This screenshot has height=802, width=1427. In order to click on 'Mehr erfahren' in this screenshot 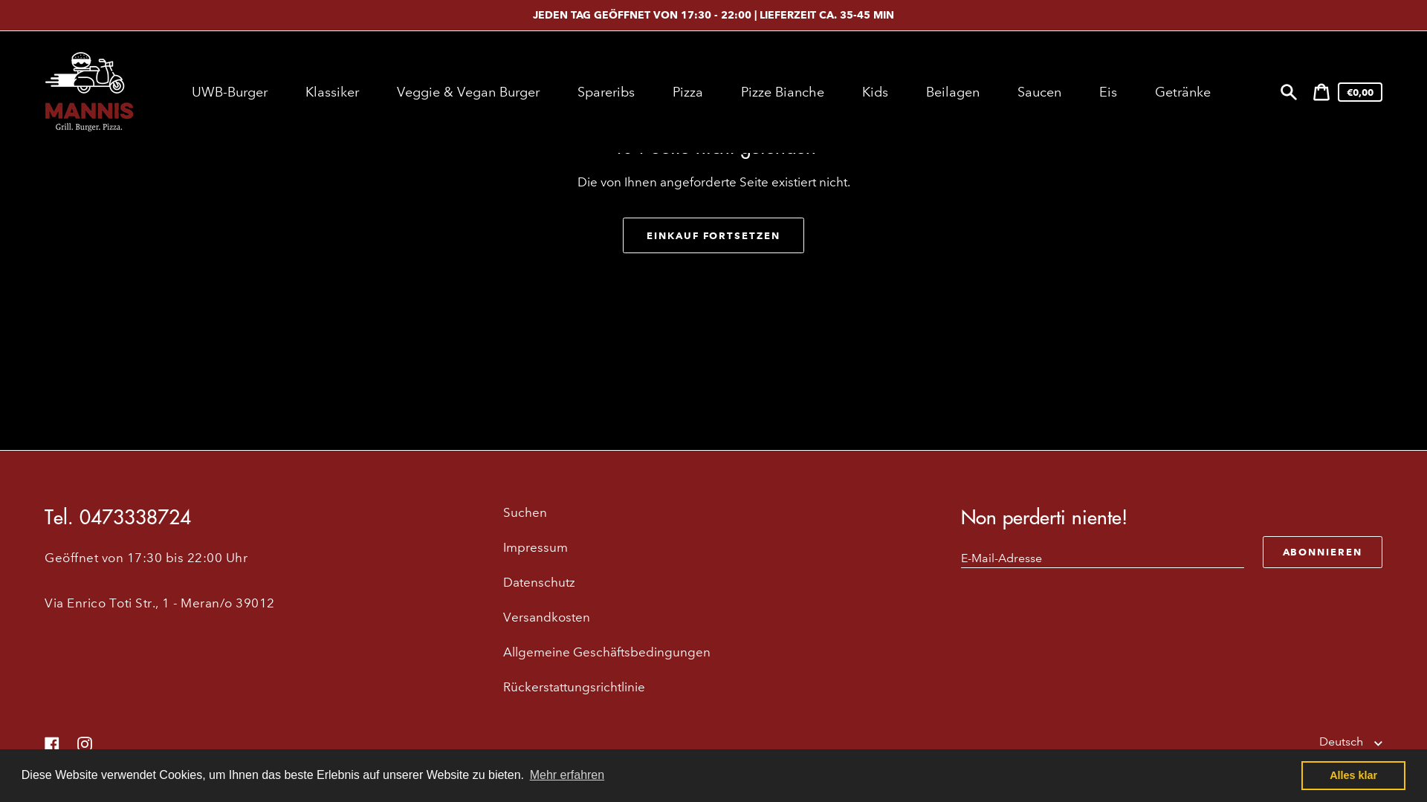, I will do `click(566, 775)`.